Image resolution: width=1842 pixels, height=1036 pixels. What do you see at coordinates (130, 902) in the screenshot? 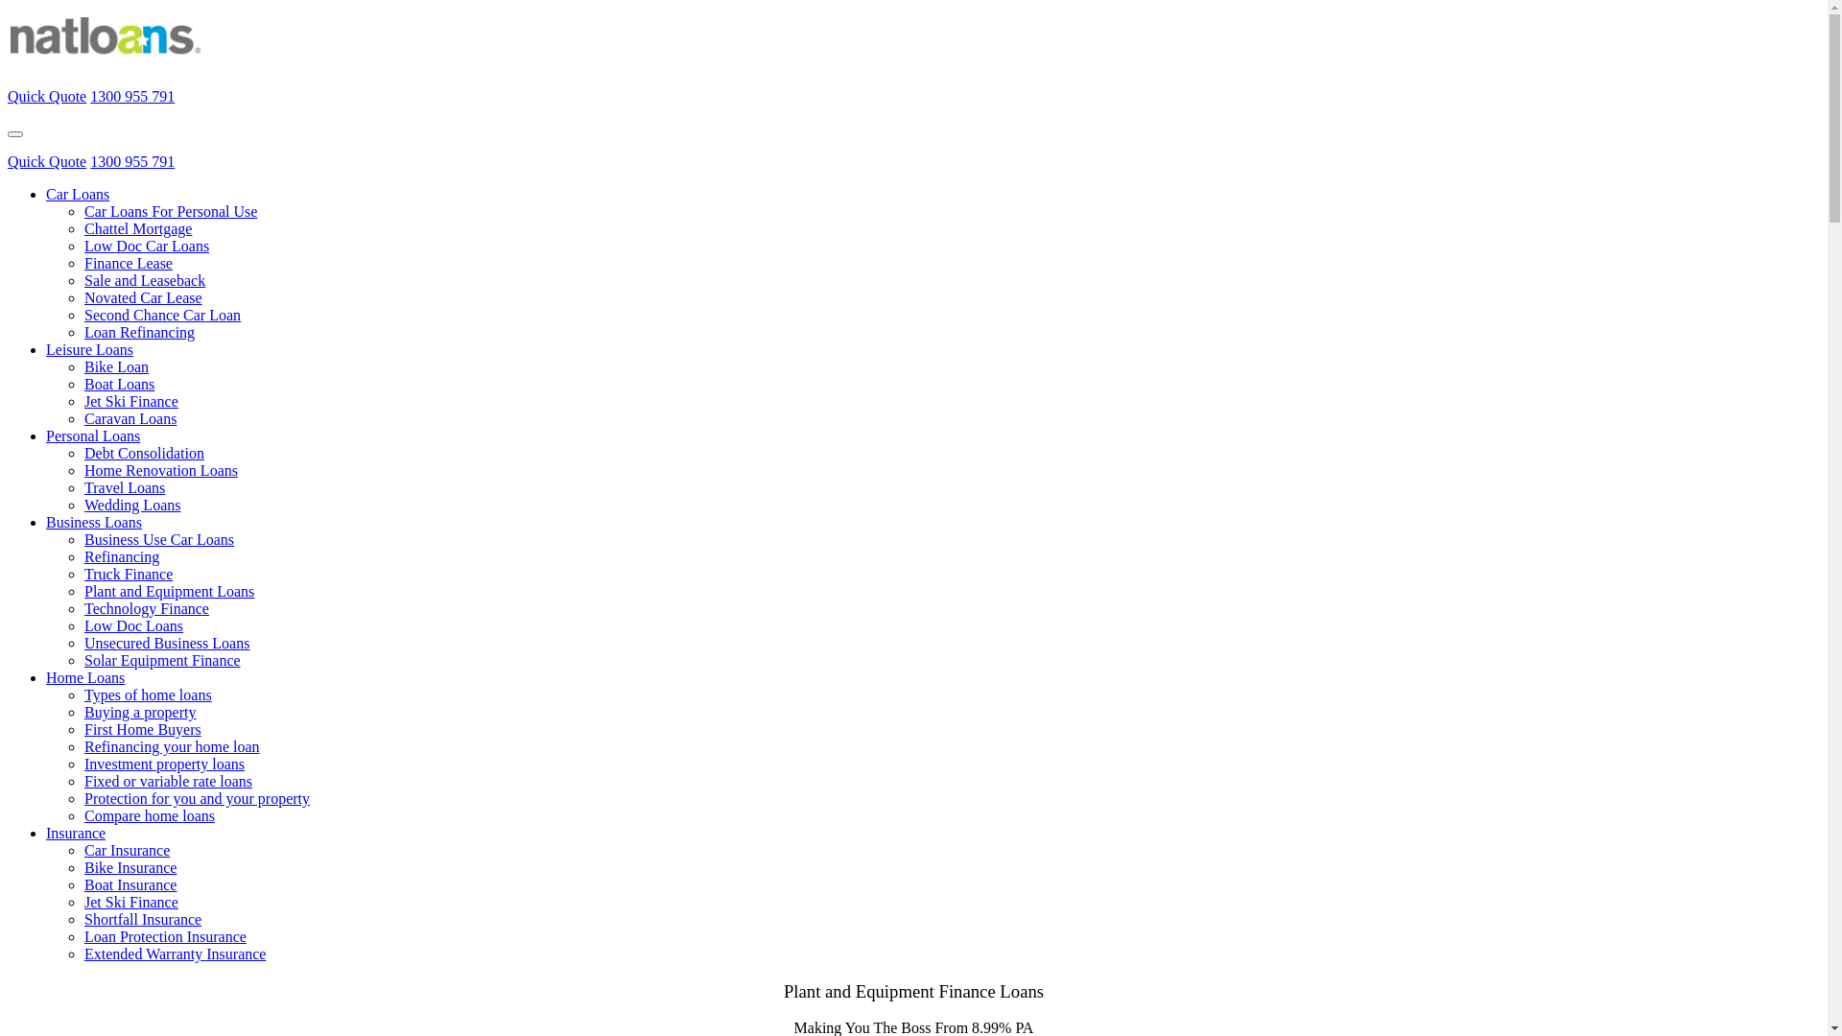
I see `'Jet Ski Finance'` at bounding box center [130, 902].